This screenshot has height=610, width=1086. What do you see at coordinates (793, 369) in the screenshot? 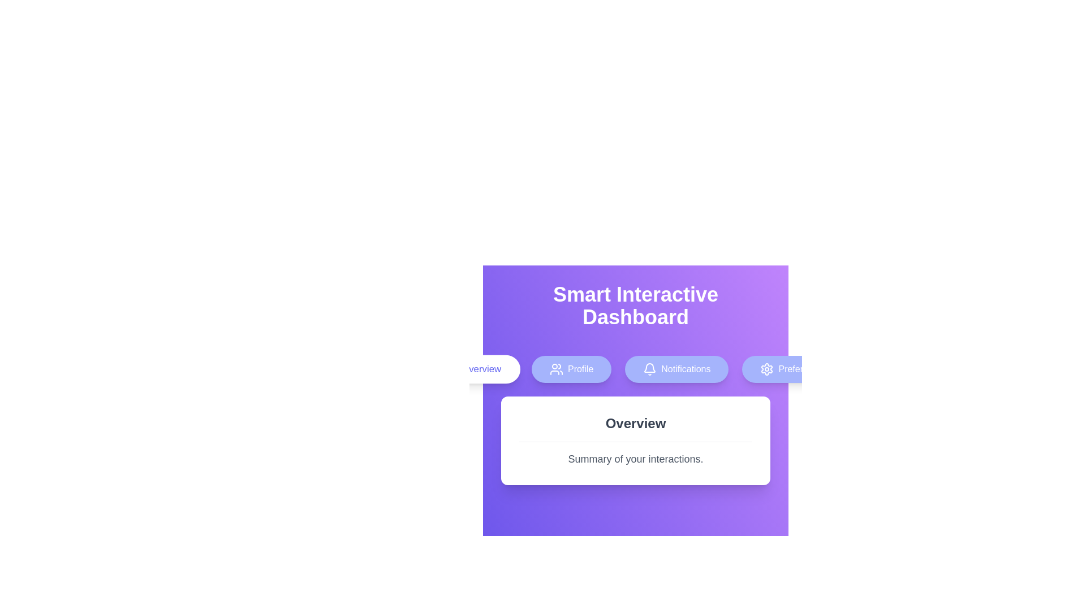
I see `the Preferences tab to view its content` at bounding box center [793, 369].